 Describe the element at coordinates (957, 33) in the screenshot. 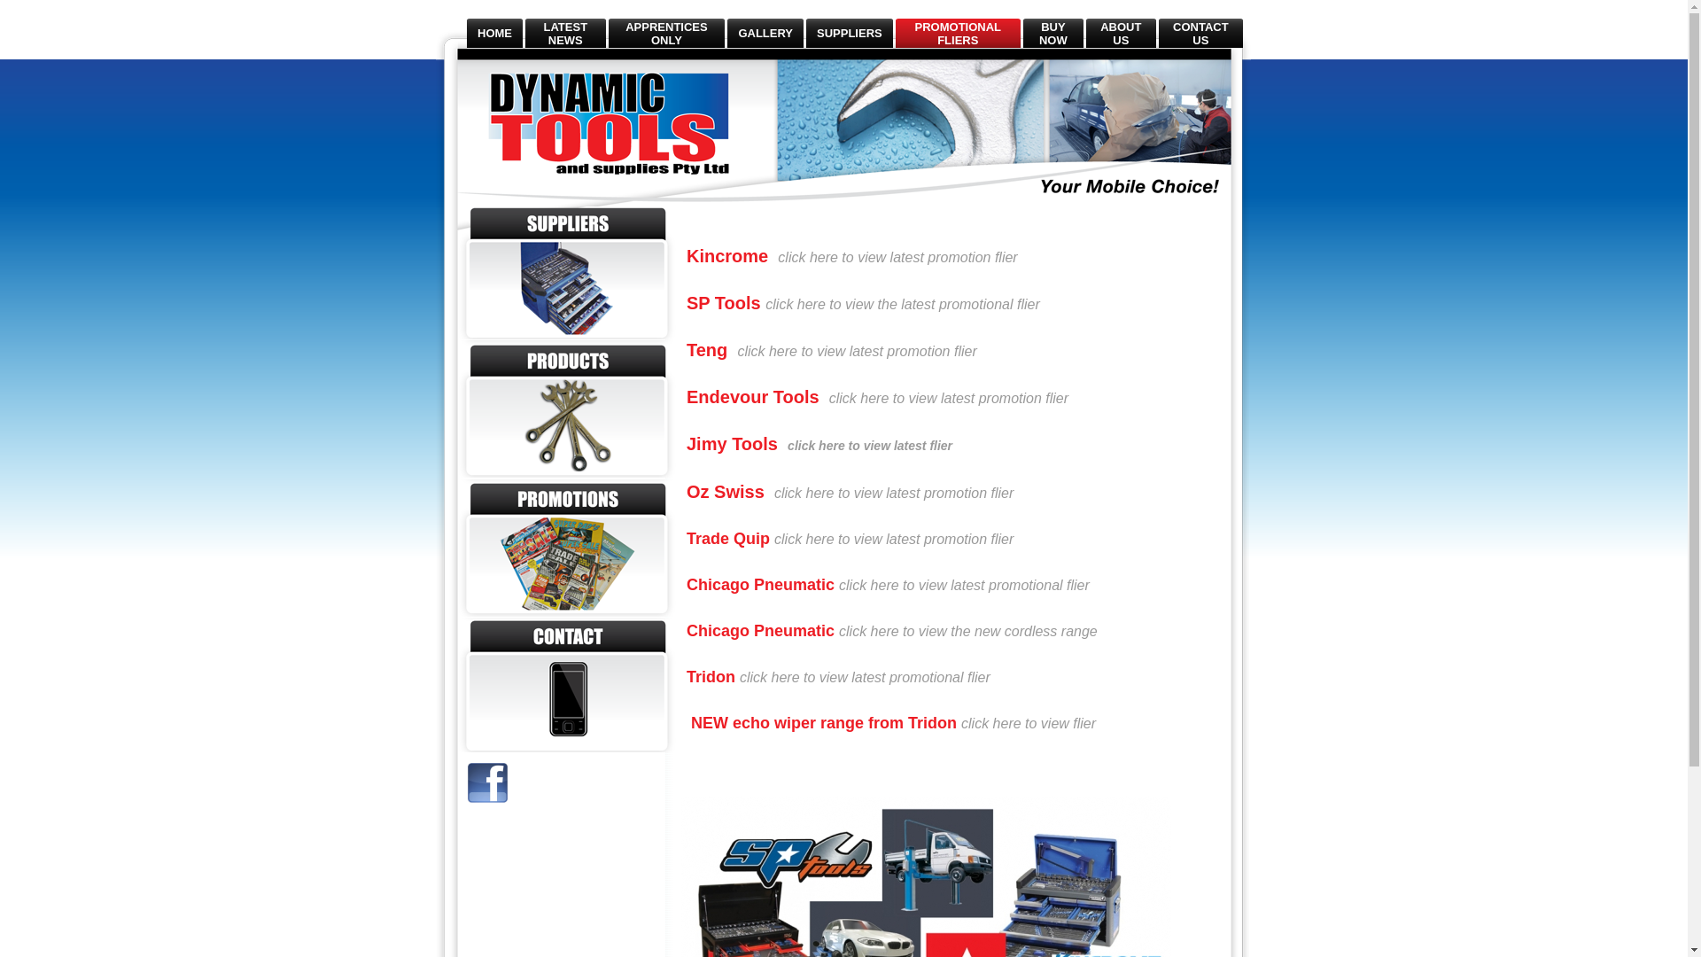

I see `'PROMOTIONAL FLIERS'` at that location.